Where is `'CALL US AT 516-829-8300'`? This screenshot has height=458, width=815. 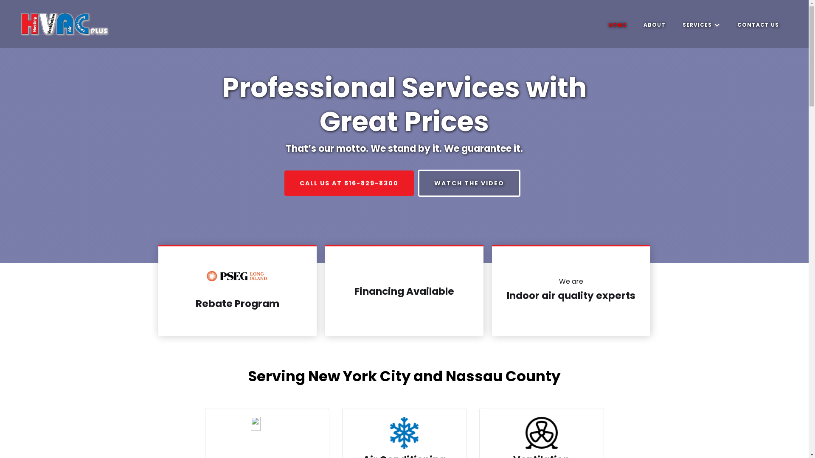 'CALL US AT 516-829-8300' is located at coordinates (349, 183).